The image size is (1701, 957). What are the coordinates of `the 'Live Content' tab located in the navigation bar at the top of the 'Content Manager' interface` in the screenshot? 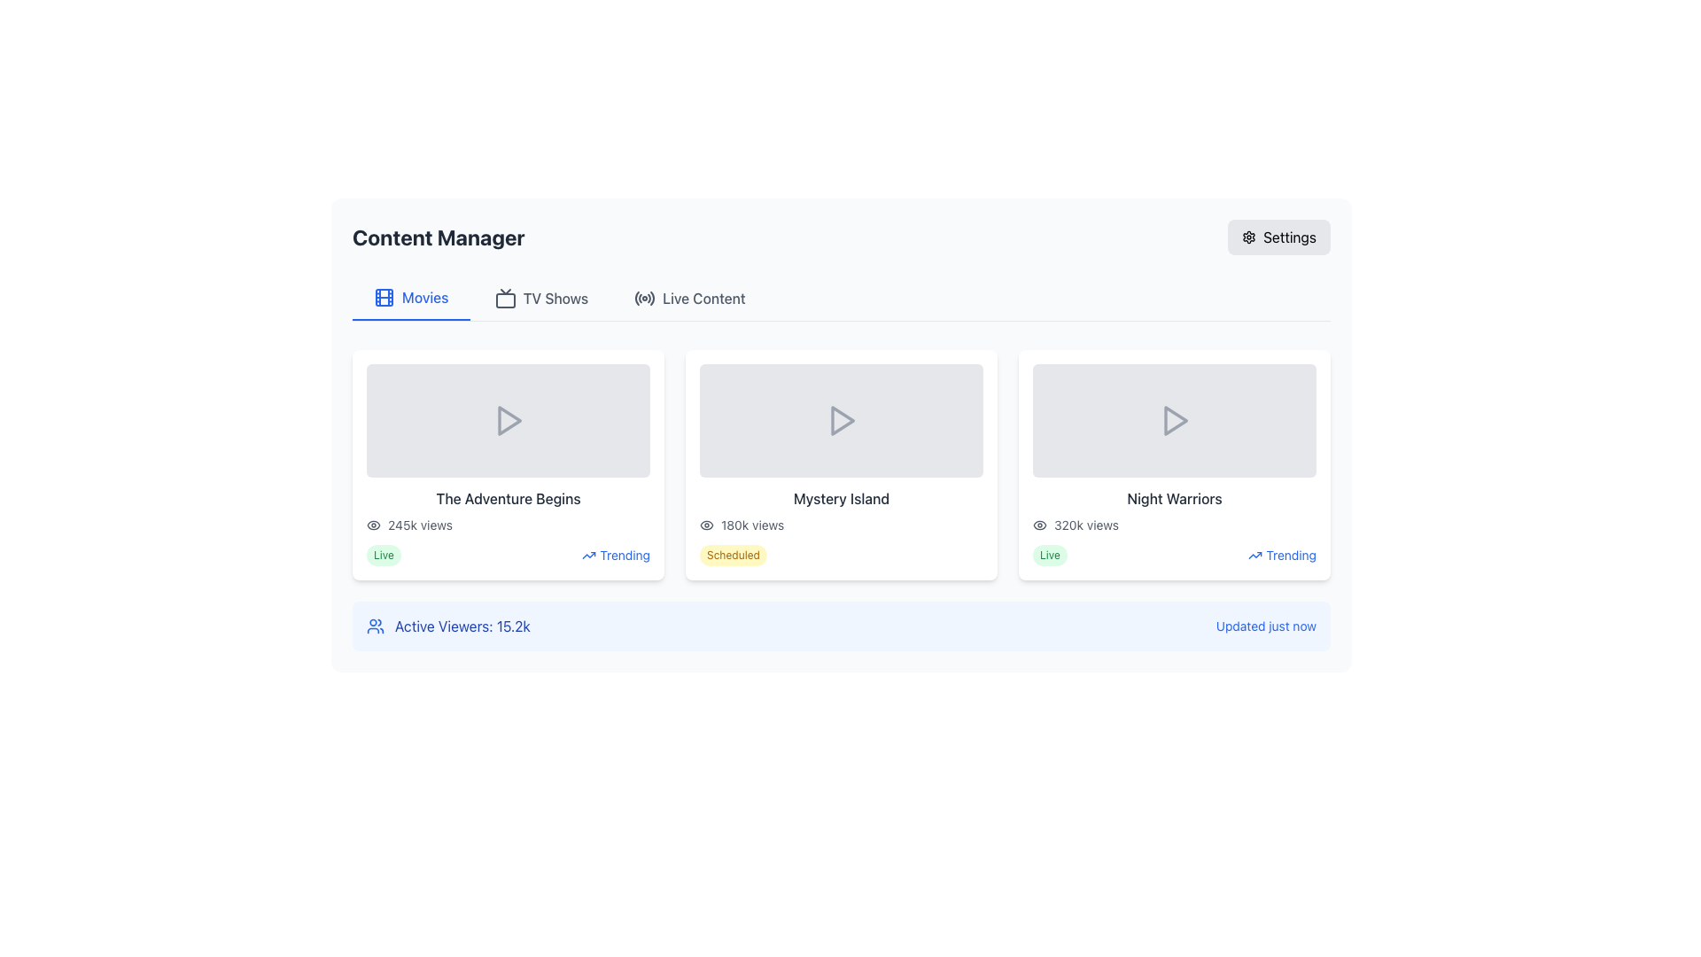 It's located at (841, 298).